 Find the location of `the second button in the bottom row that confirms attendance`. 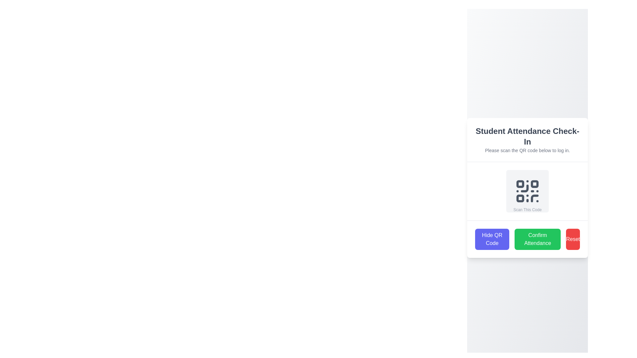

the second button in the bottom row that confirms attendance is located at coordinates (537, 239).